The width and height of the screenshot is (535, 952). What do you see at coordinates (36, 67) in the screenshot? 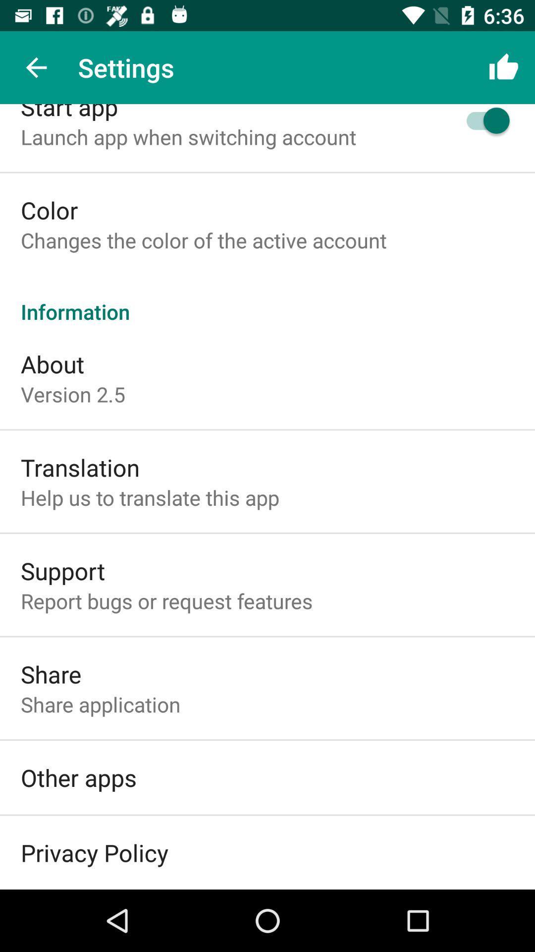
I see `icon next to settings icon` at bounding box center [36, 67].